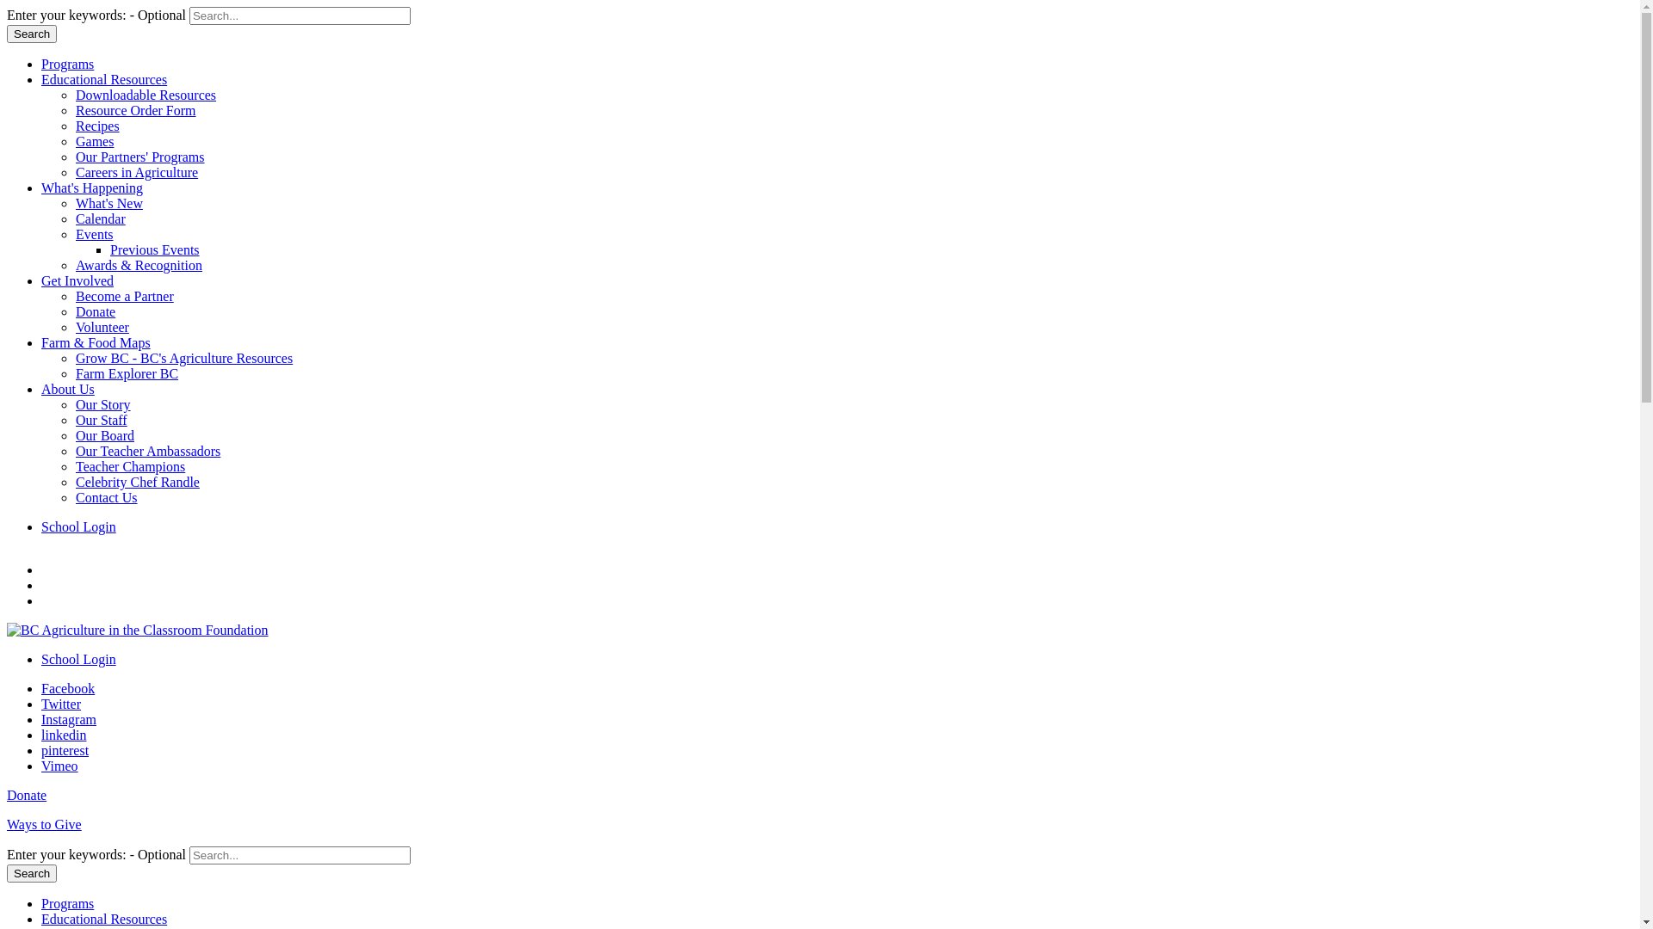 This screenshot has height=929, width=1653. Describe the element at coordinates (102, 79) in the screenshot. I see `'Educational Resources'` at that location.